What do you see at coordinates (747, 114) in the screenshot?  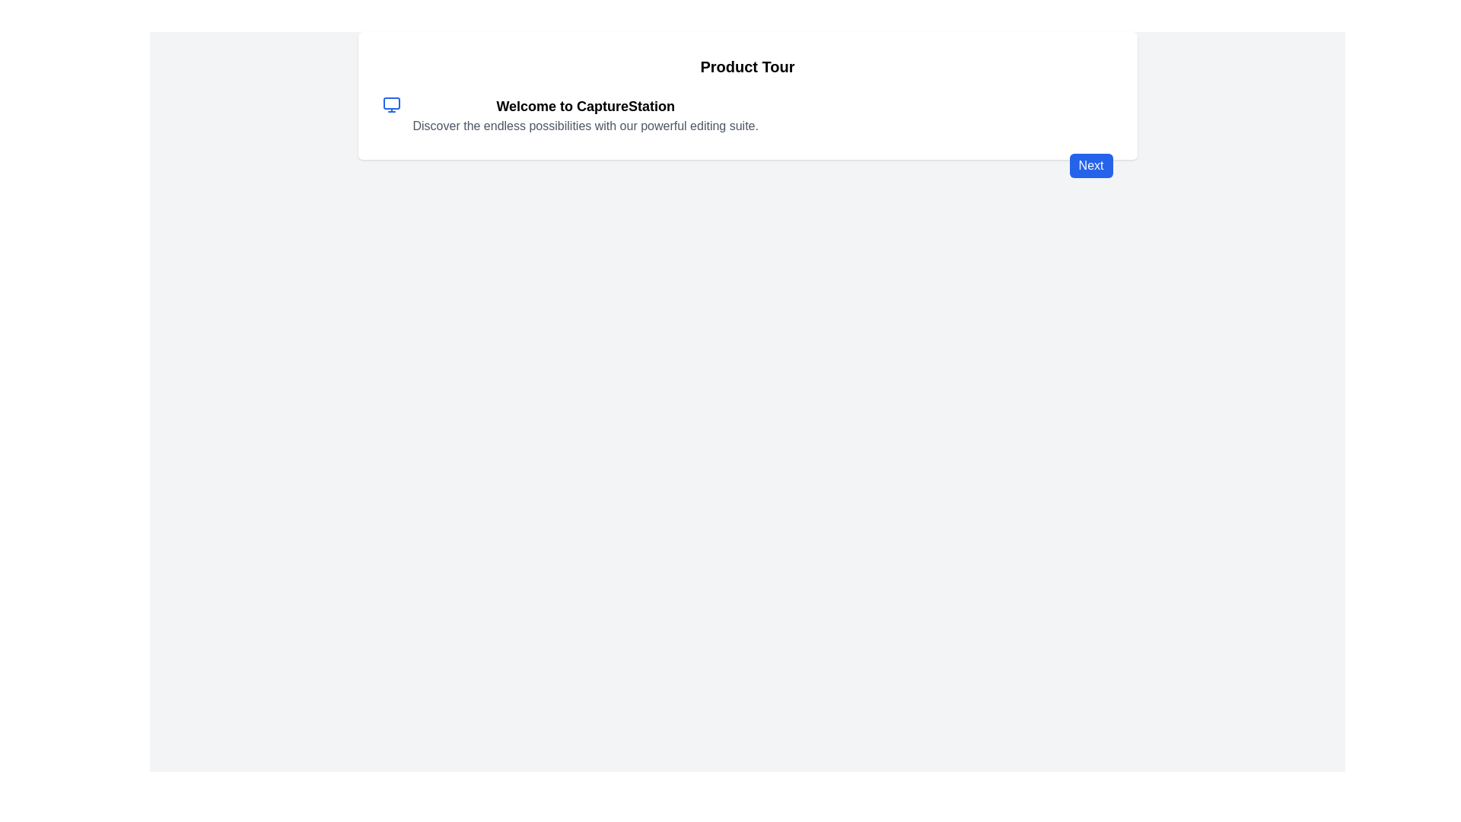 I see `information displayed in the composite UI element titled 'Welcome to CaptureStation' with the subtitle 'Discover the endless possibilities with our powerful editing suite.'` at bounding box center [747, 114].